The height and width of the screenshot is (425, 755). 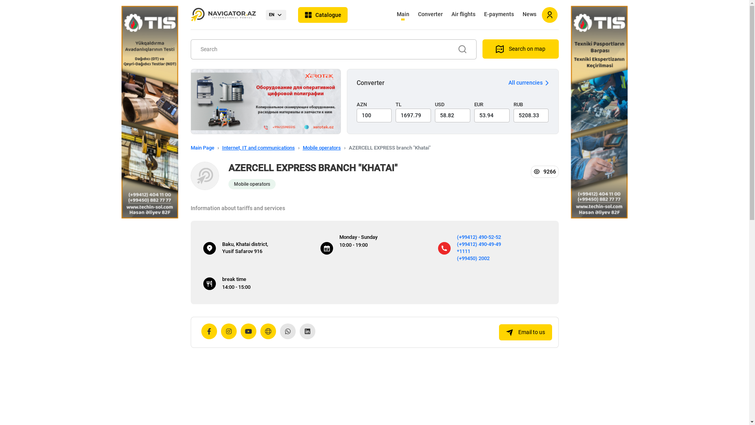 I want to click on '*1111', so click(x=457, y=251).